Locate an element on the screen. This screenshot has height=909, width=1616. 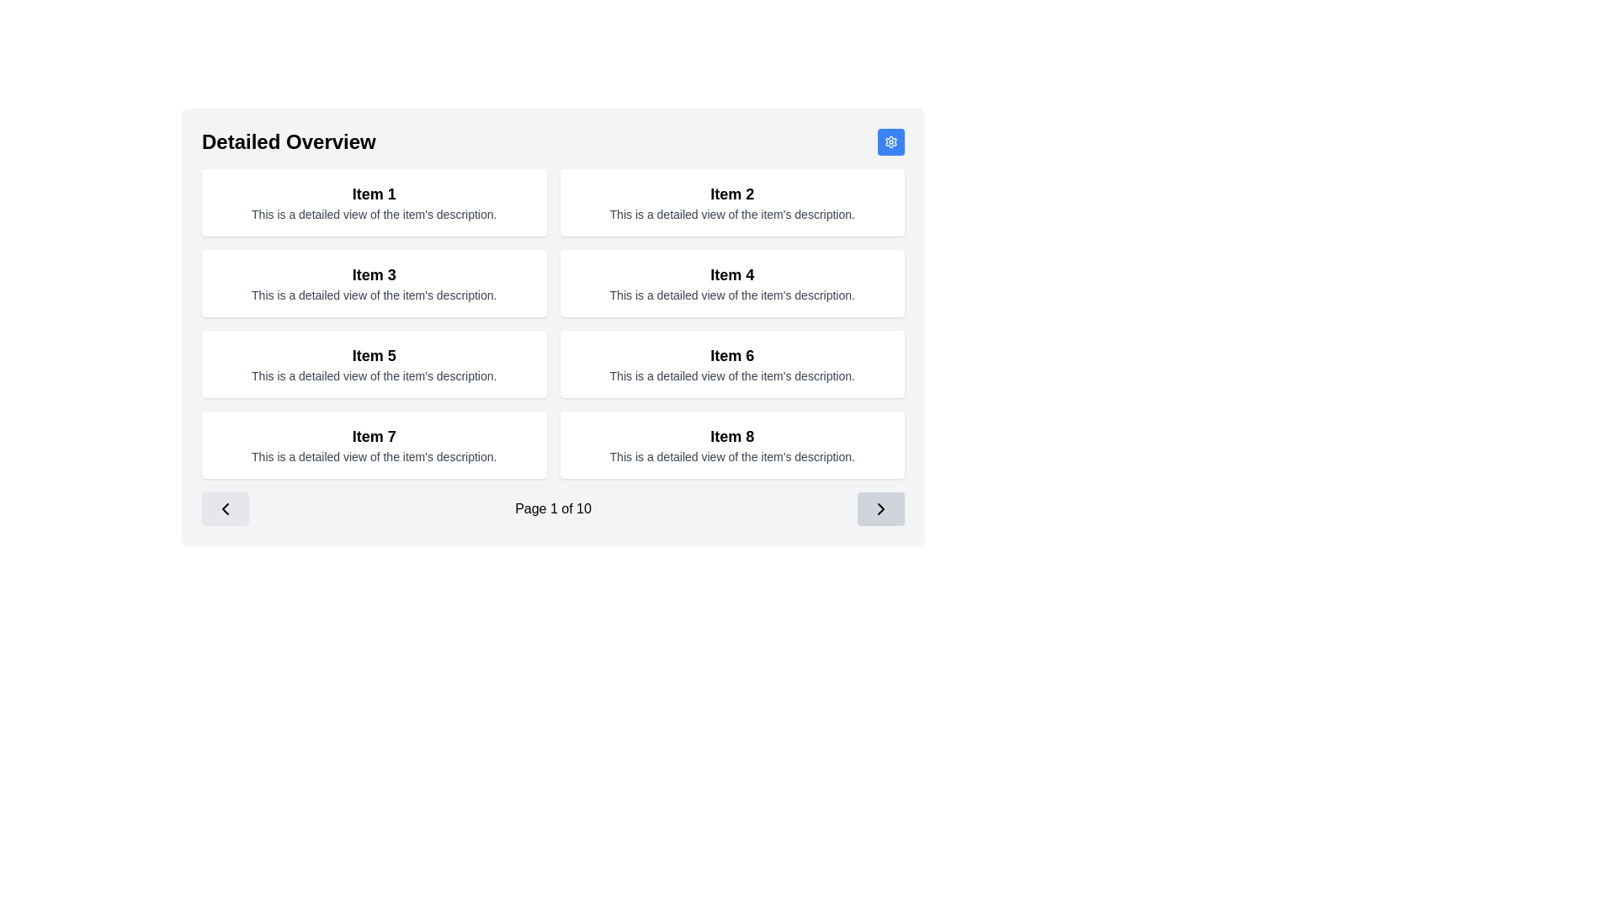
the navigation icon located in the bottom right corner of the layout is located at coordinates (880, 508).